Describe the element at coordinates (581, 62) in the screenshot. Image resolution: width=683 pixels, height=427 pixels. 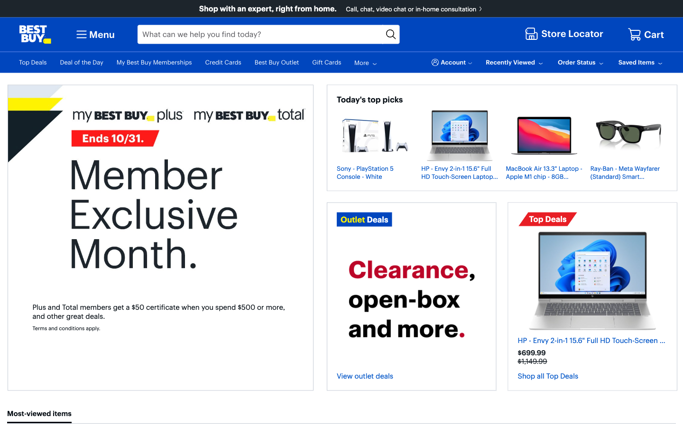
I see `Verify the status of the most recent order` at that location.